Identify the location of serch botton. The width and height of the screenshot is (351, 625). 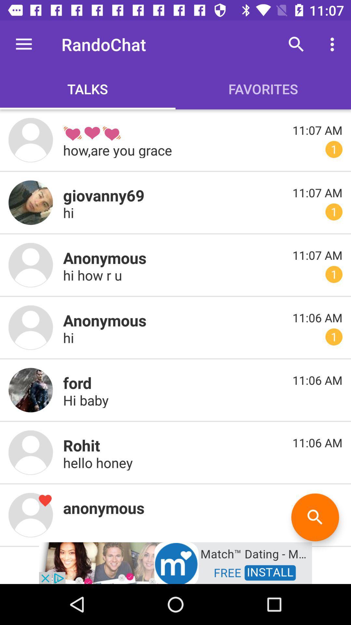
(315, 517).